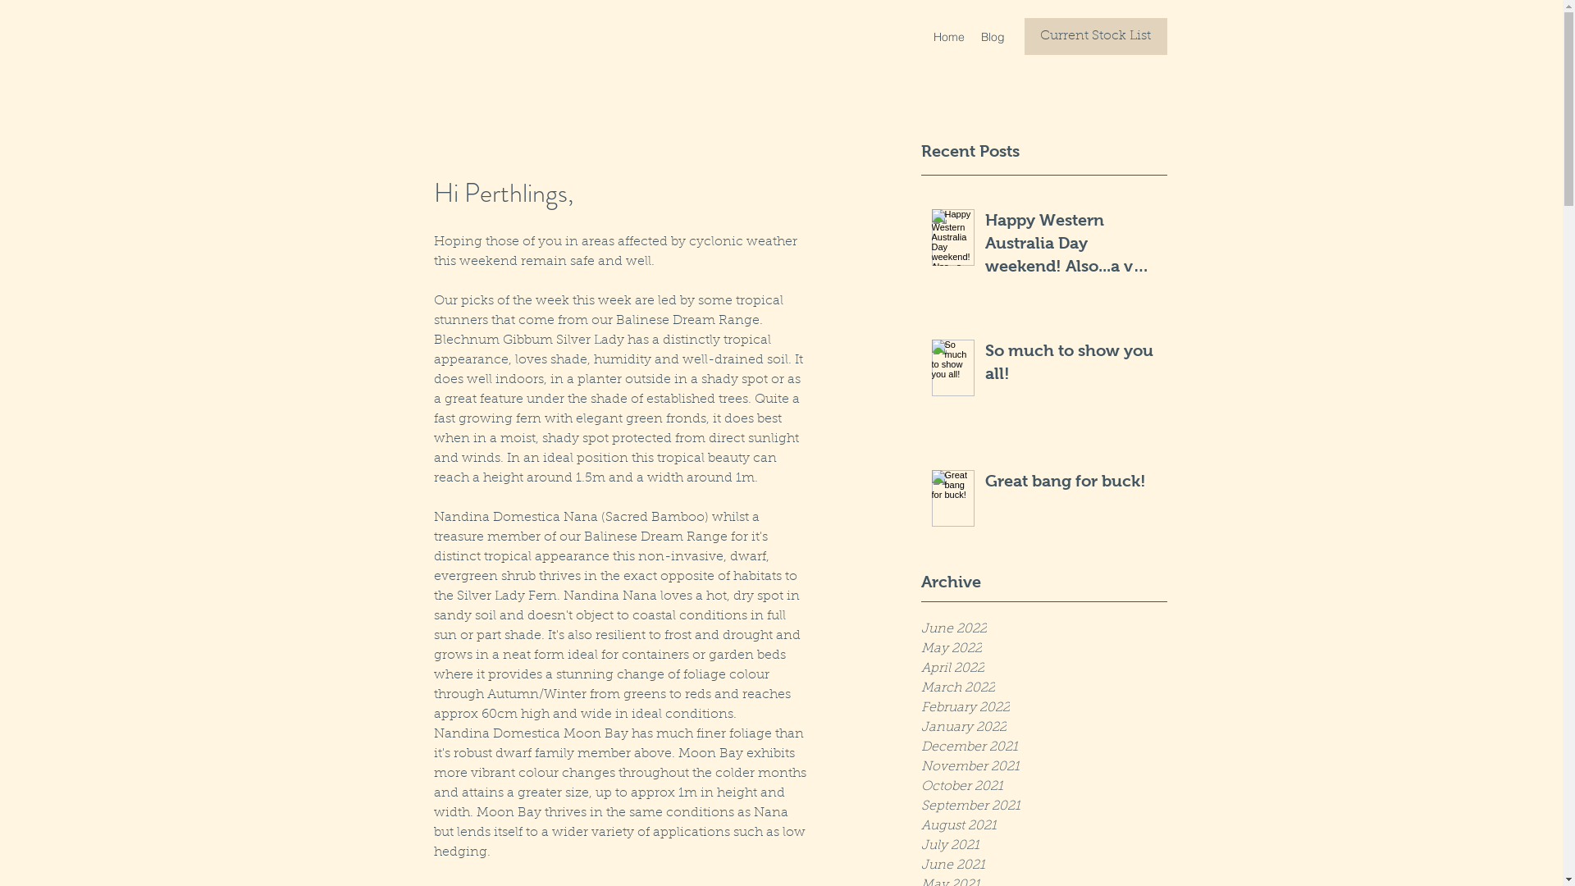 The height and width of the screenshot is (886, 1575). Describe the element at coordinates (920, 747) in the screenshot. I see `'December 2021'` at that location.